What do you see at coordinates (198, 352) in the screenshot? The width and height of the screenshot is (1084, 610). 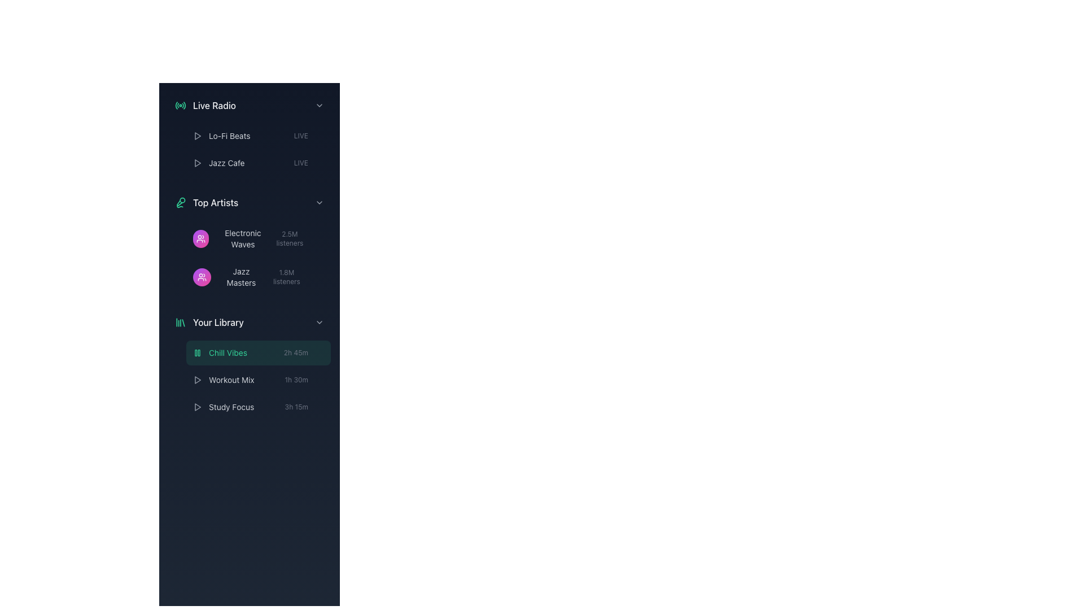 I see `the pause icon button, which is a small rectangular icon with two vertical bars and a greenish outline, located` at bounding box center [198, 352].